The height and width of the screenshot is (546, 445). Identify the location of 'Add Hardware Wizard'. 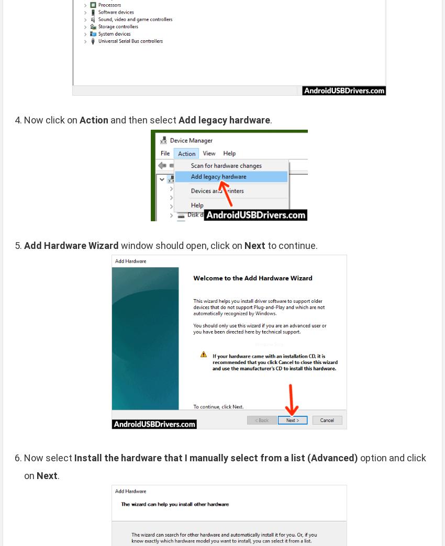
(71, 245).